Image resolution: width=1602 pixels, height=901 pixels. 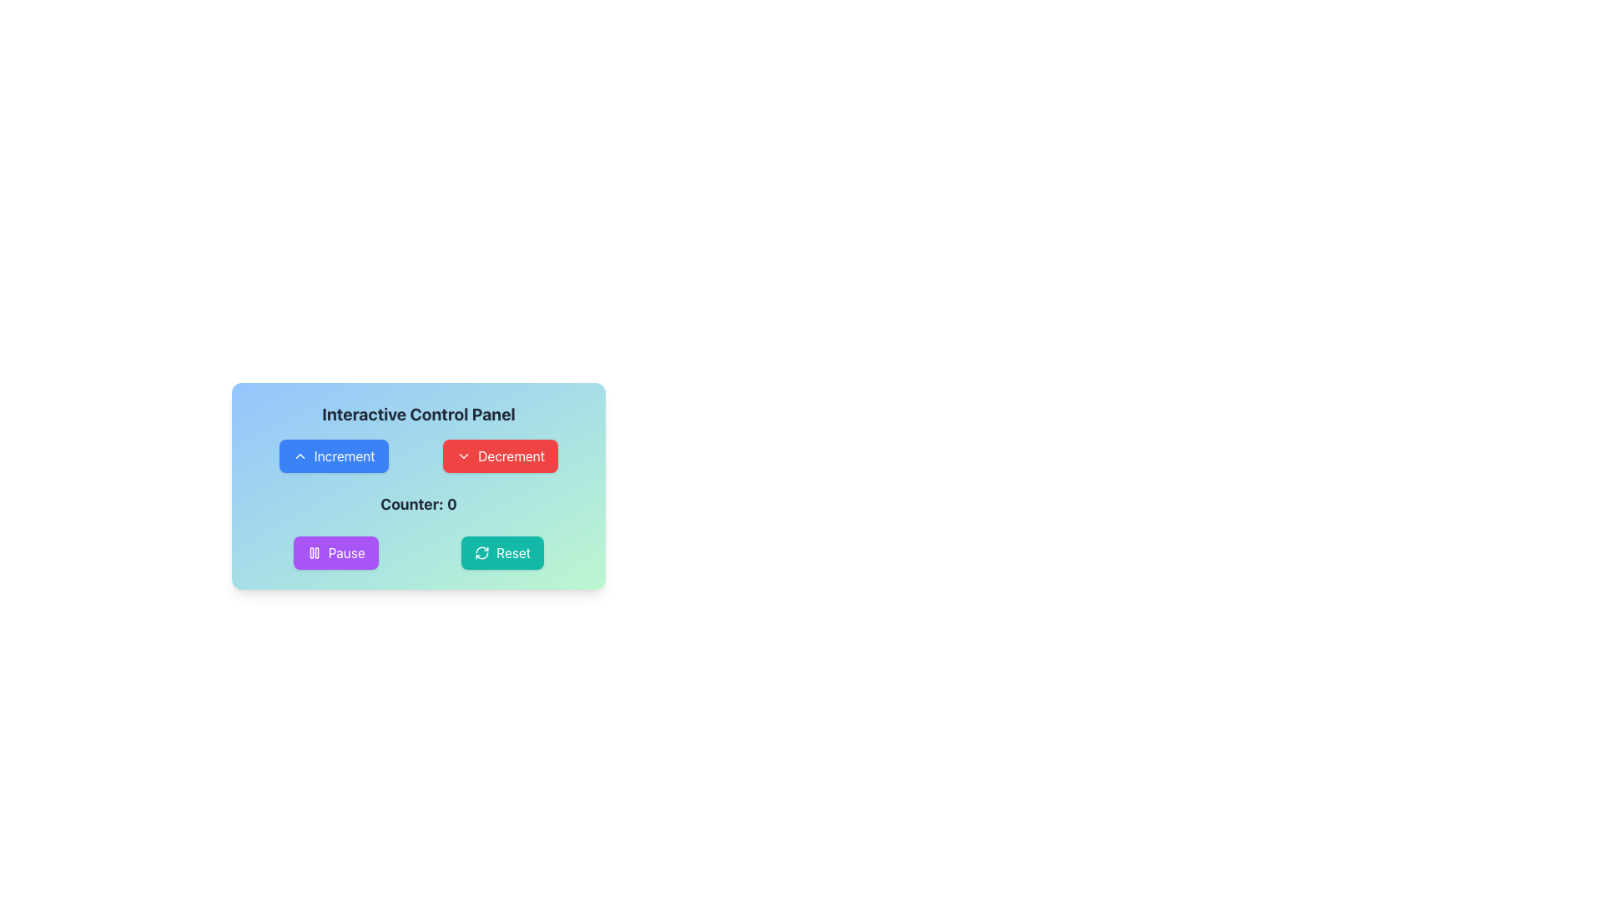 I want to click on the 'Reset' button with a teal background located at the bottom of the control panel to reset the counter, so click(x=501, y=553).